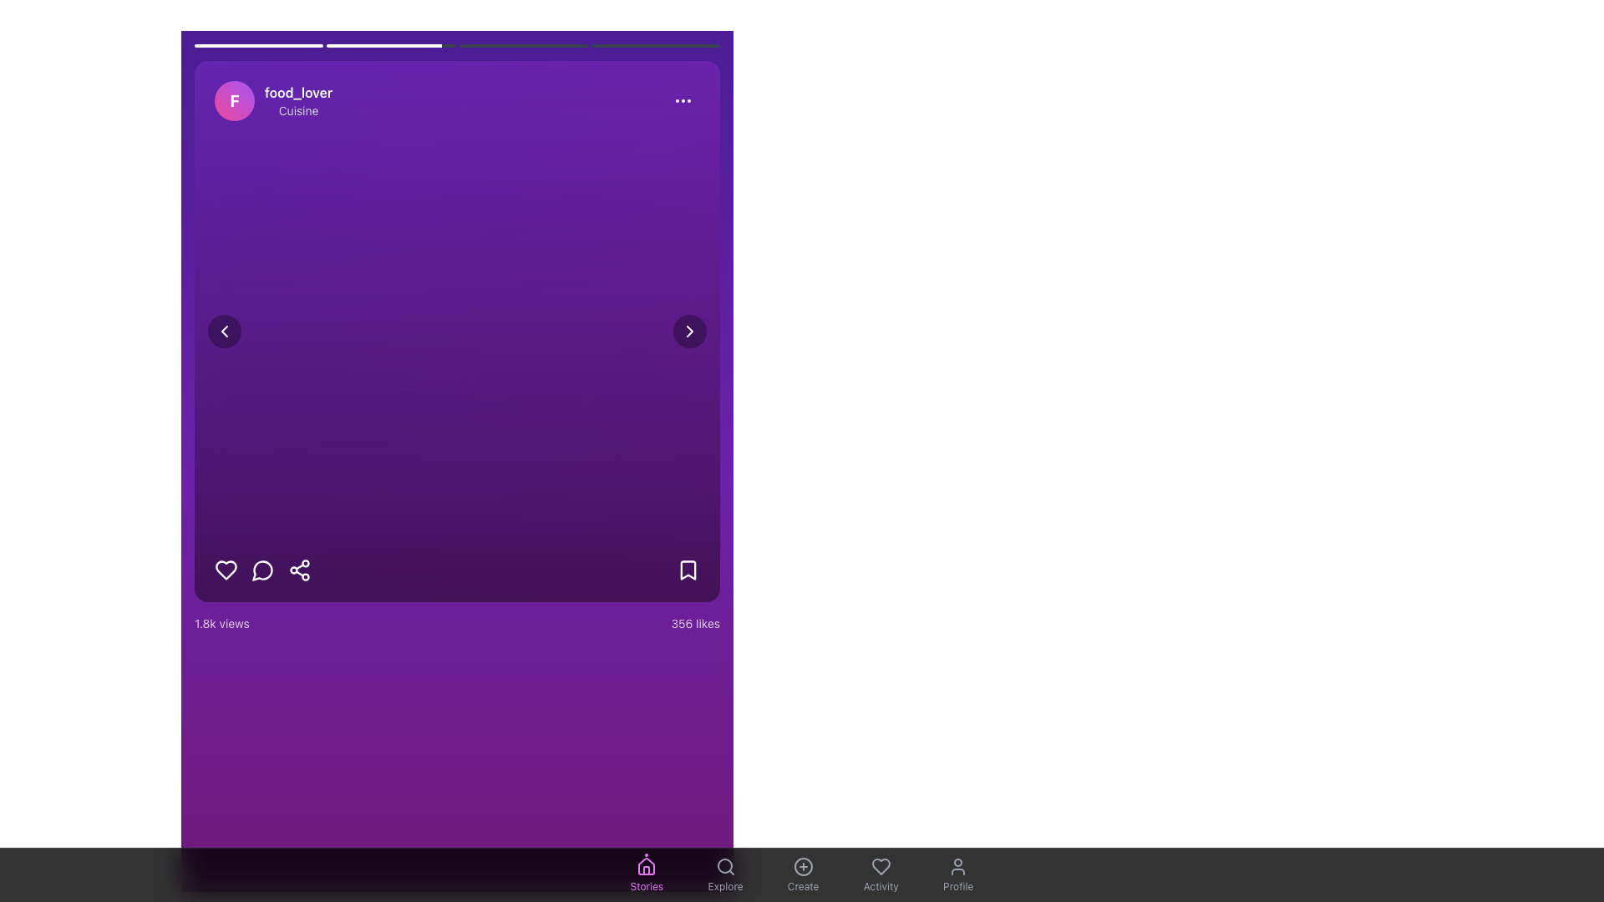 The width and height of the screenshot is (1604, 902). I want to click on the circular 'Create' icon with a '+' symbol located at the center of the bottom navigation bar, so click(803, 865).